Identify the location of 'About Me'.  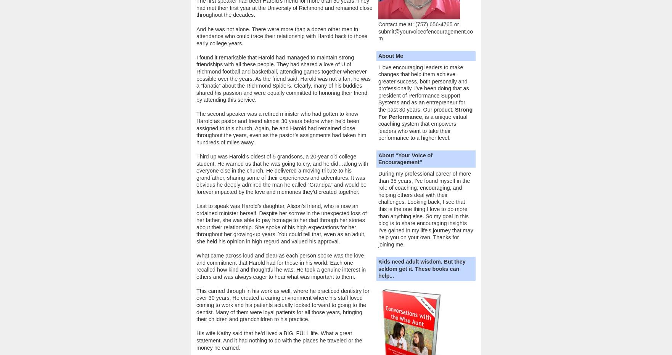
(378, 55).